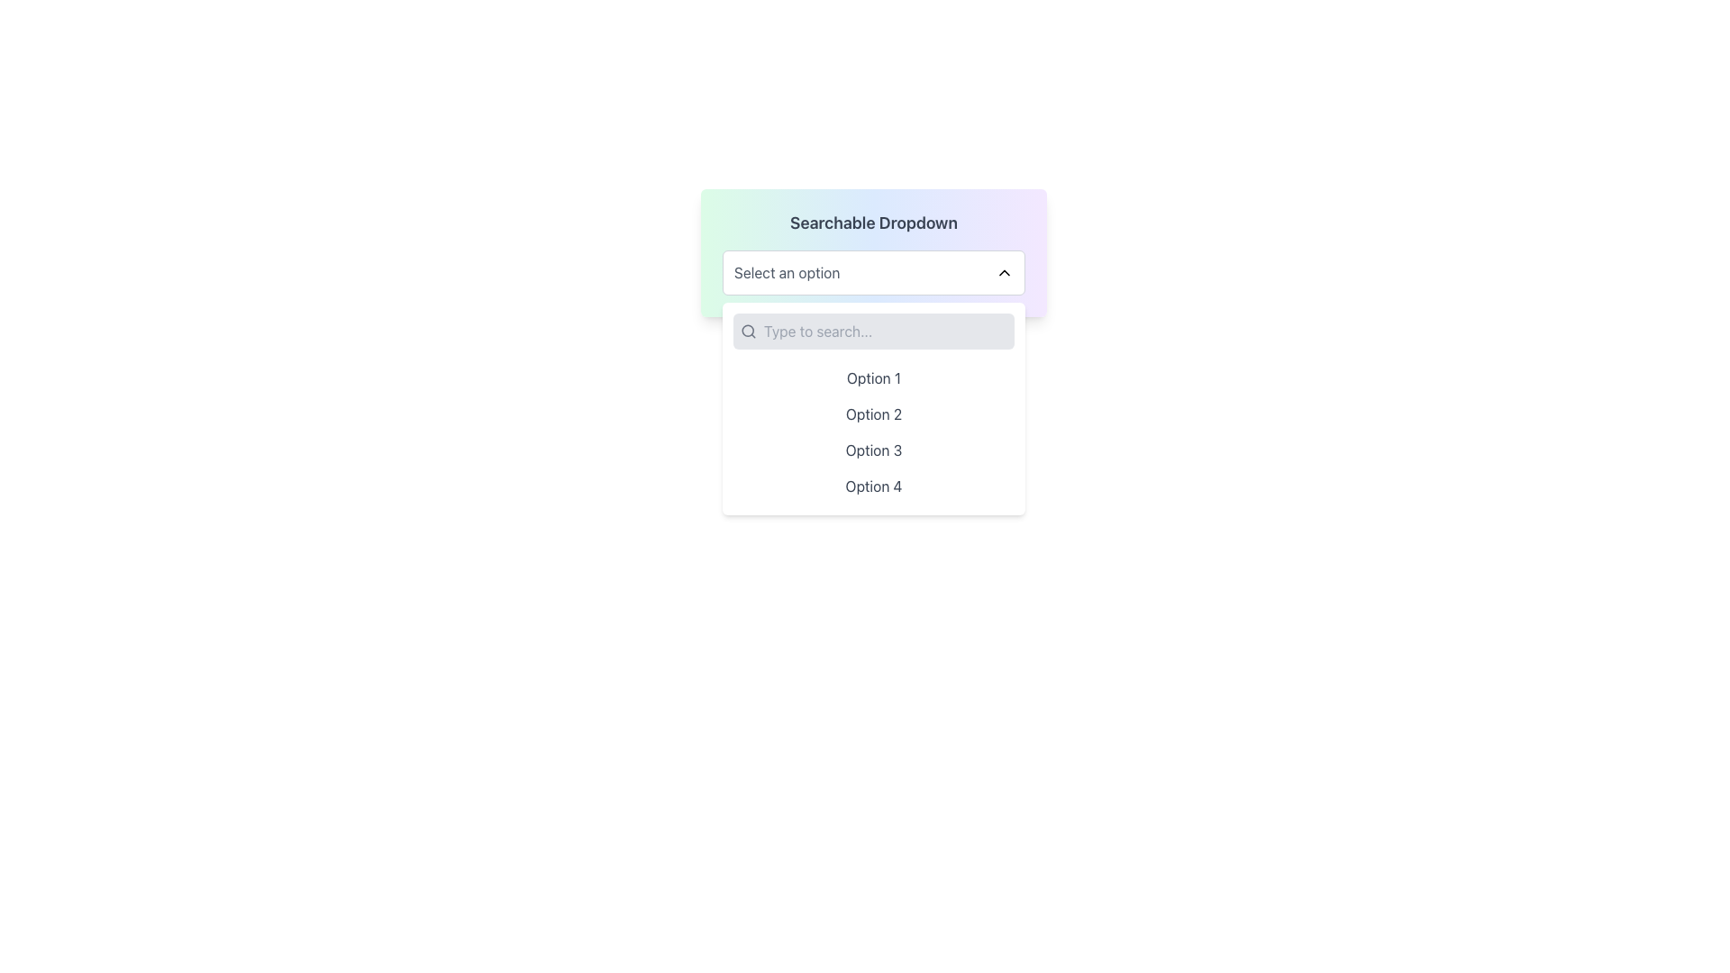 This screenshot has width=1730, height=973. Describe the element at coordinates (873, 409) in the screenshot. I see `one of the options in the dropdown menu that appears below the 'Select an option' toggle button` at that location.